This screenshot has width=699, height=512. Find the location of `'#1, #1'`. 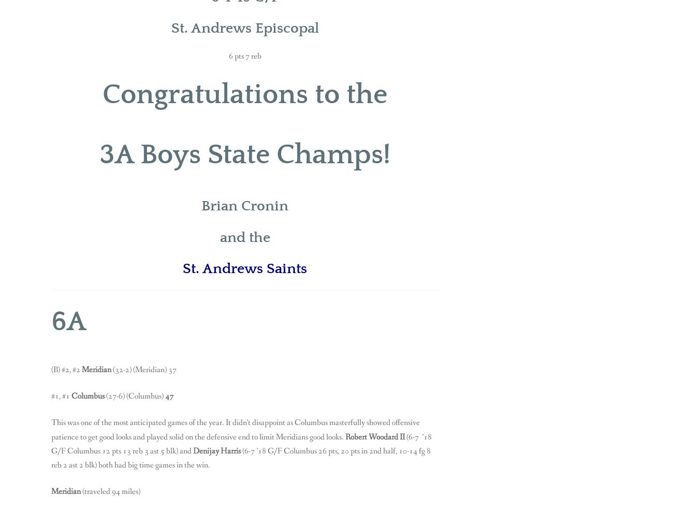

'#1, #1' is located at coordinates (50, 395).